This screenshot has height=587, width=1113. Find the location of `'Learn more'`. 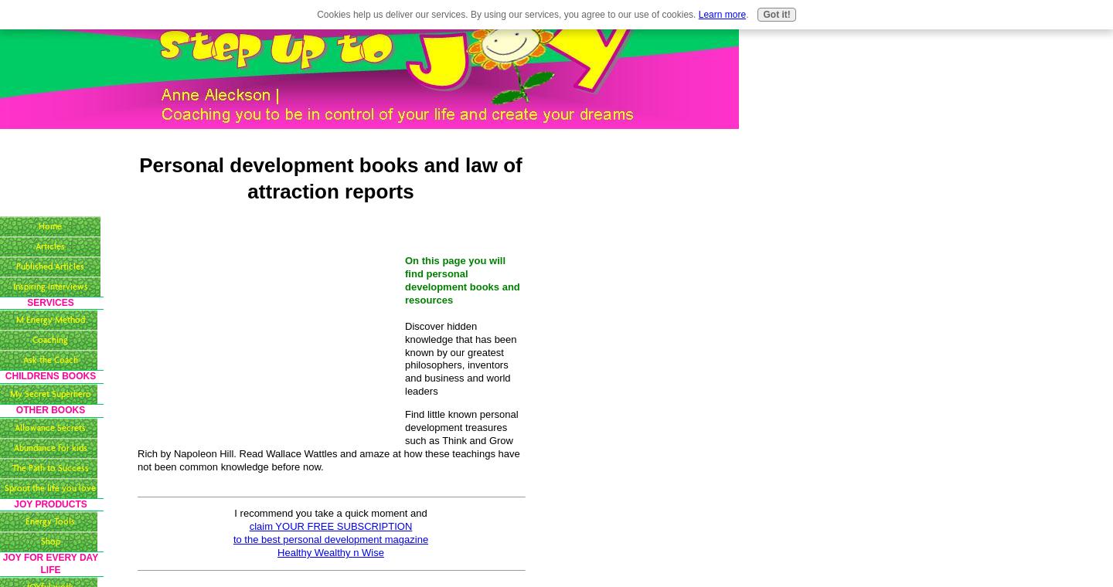

'Learn more' is located at coordinates (698, 14).